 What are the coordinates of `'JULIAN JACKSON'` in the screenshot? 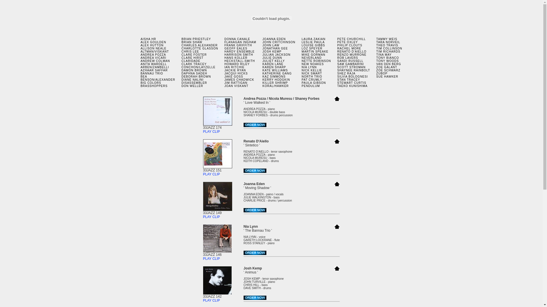 It's located at (276, 55).